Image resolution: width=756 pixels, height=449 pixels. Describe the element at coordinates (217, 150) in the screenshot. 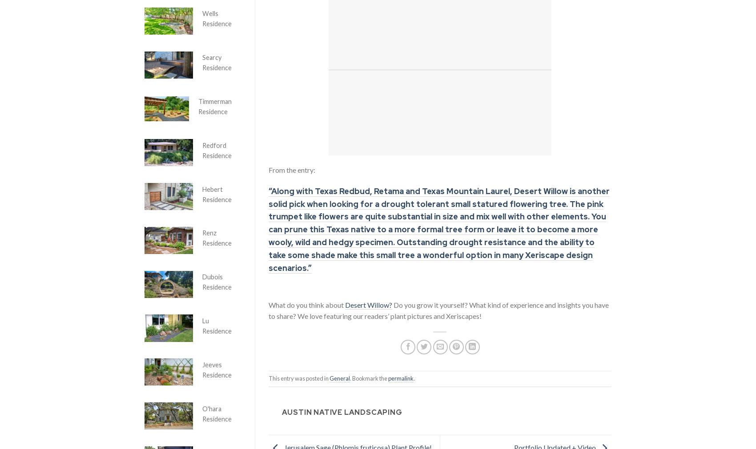

I see `'Redford Residence'` at that location.